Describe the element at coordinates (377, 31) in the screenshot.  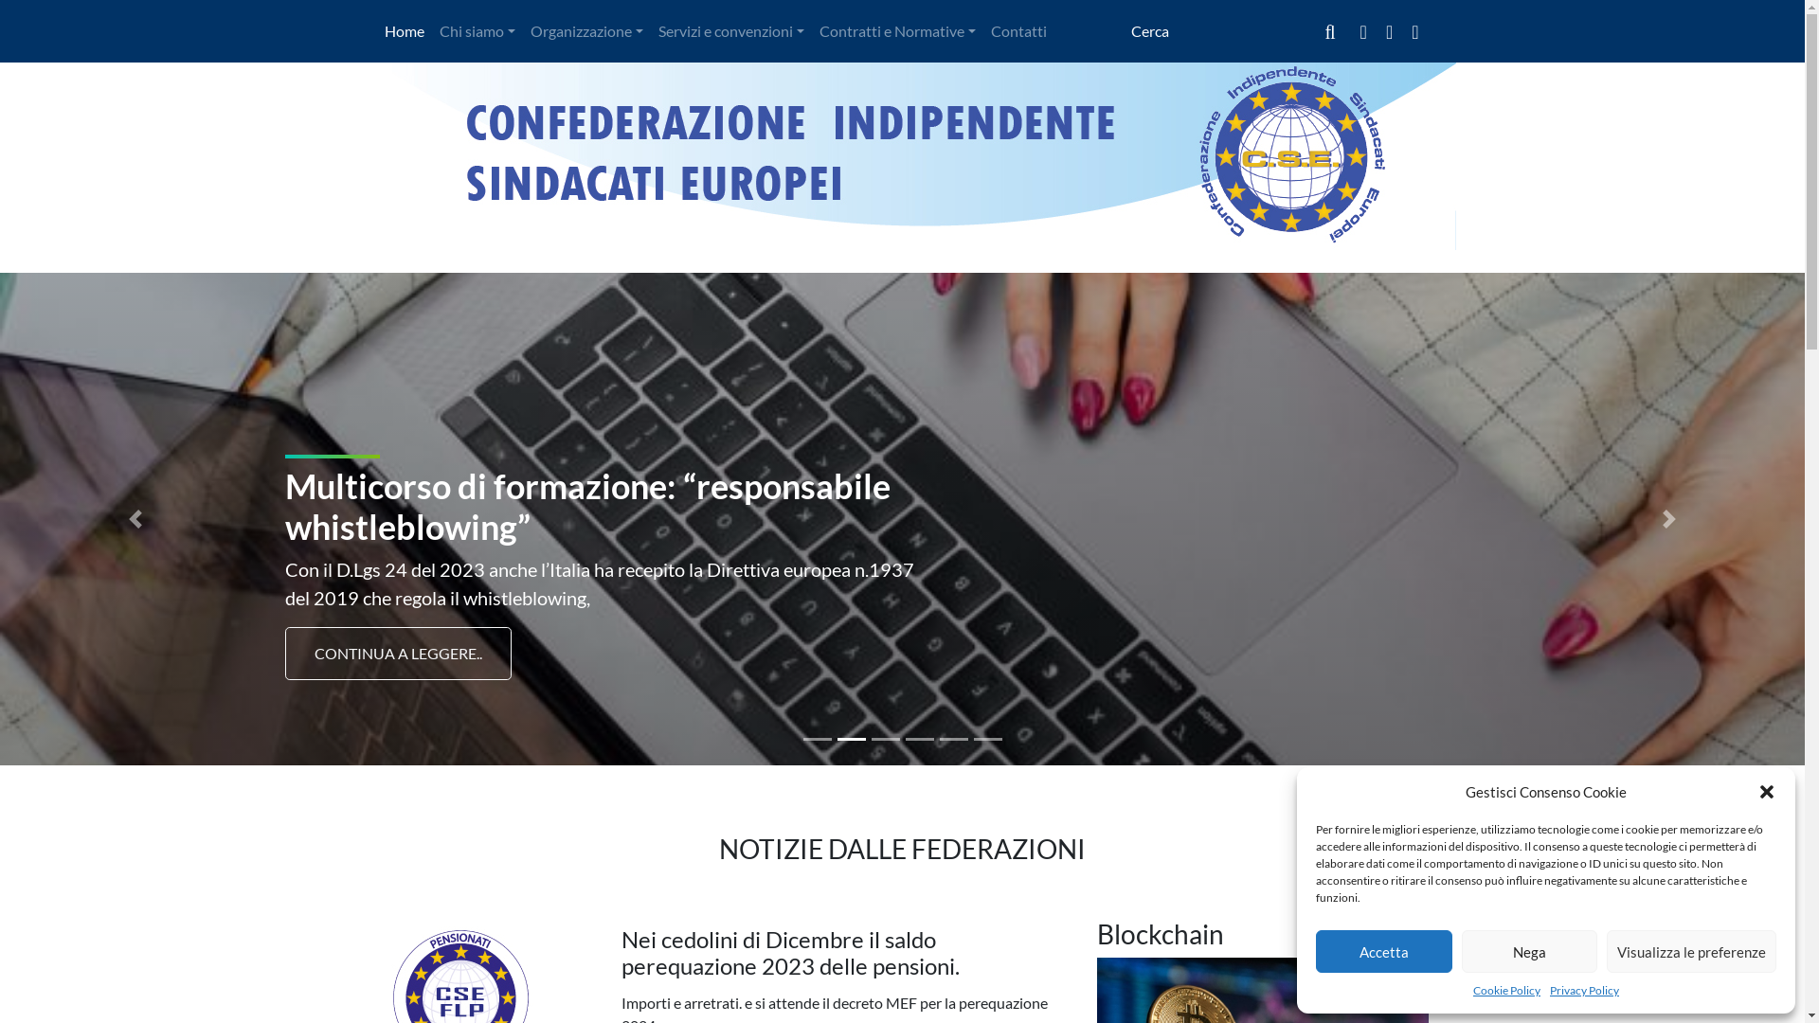
I see `'Home'` at that location.